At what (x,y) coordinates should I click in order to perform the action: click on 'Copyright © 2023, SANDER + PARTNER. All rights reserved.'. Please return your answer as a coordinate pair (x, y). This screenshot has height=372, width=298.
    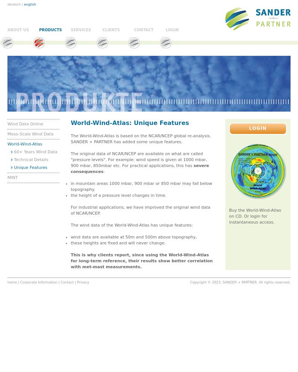
    Looking at the image, I should click on (240, 282).